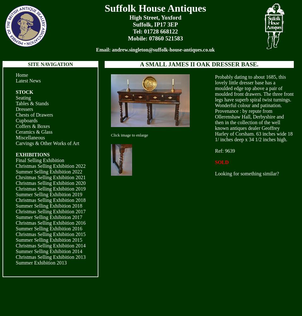  Describe the element at coordinates (50, 234) in the screenshot. I see `'Christmas Selling Exhibition 2015'` at that location.